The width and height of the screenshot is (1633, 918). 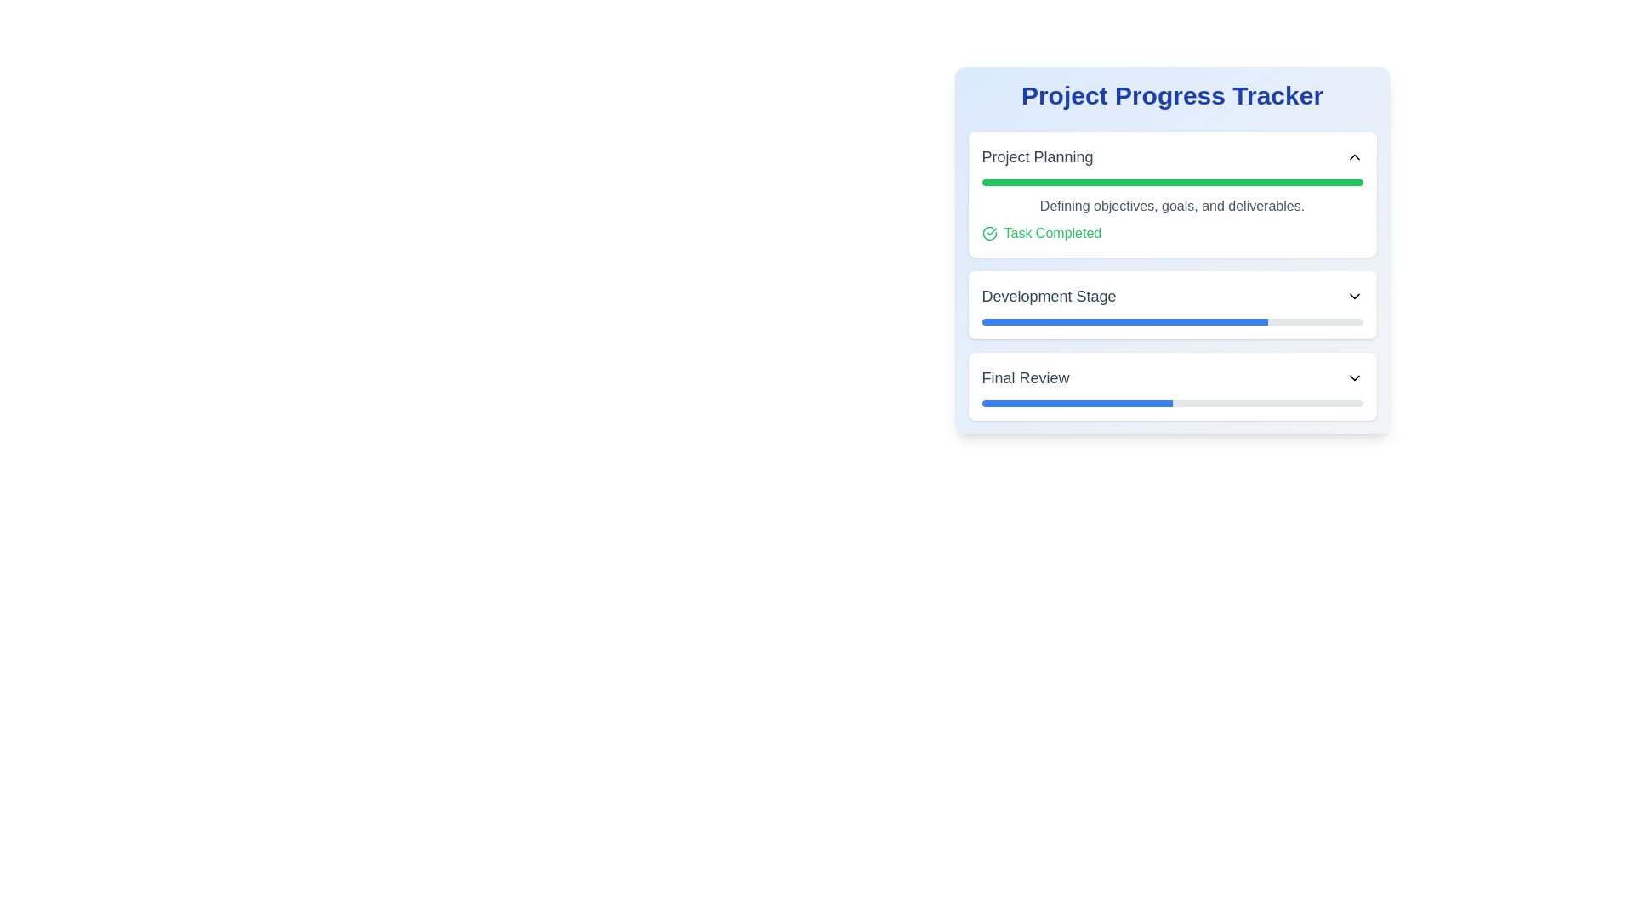 I want to click on the blue progress bar segment representing 50% progress within the Final Review section of the Project Progress Tracker, so click(x=1076, y=403).